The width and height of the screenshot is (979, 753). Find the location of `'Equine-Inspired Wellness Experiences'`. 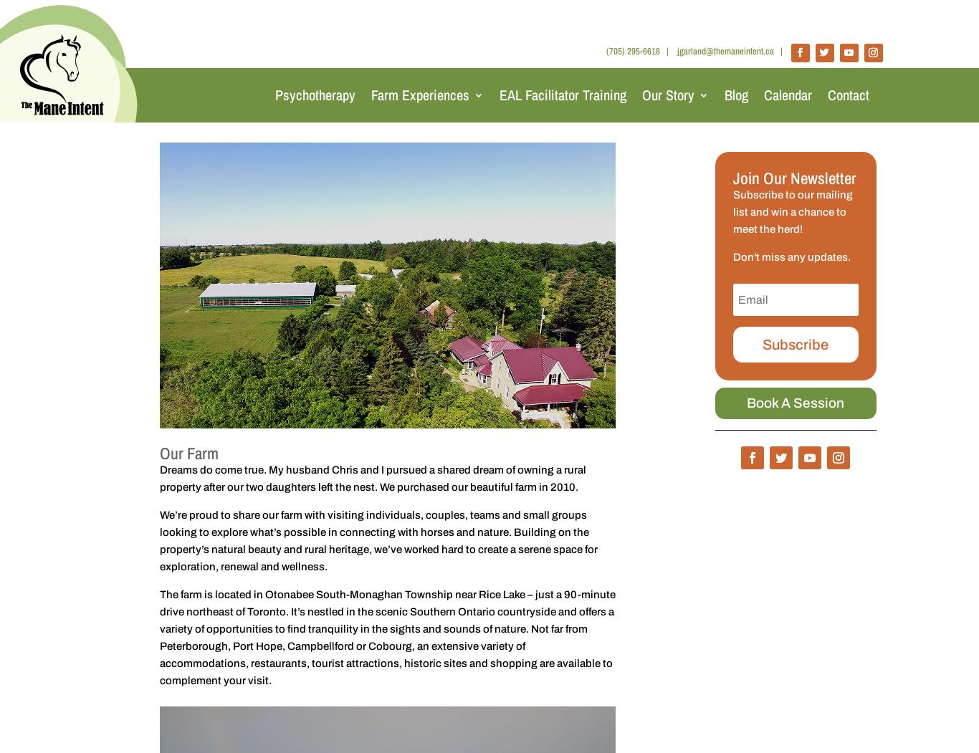

'Equine-Inspired Wellness Experiences' is located at coordinates (391, 171).